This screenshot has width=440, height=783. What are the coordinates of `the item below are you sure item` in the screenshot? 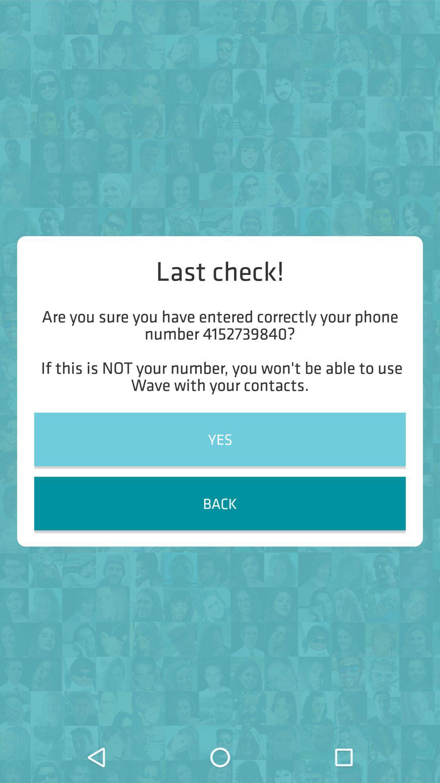 It's located at (220, 439).